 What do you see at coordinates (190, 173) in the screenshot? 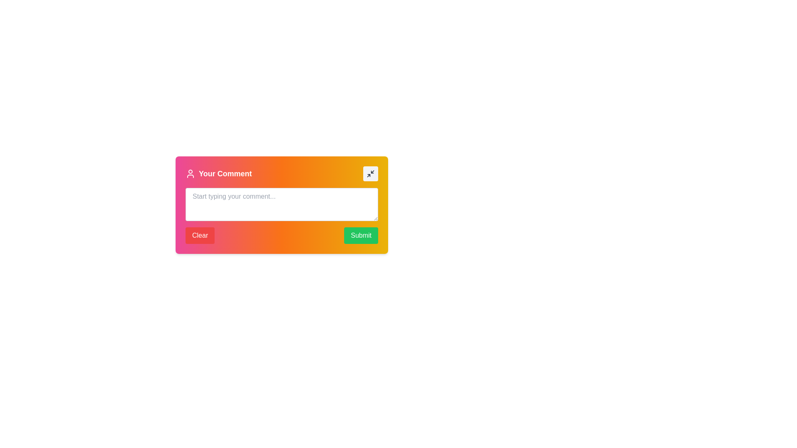
I see `the user icon that visually represents the profile context for the comment functionality, located to the left of the 'Your Comment' text label` at bounding box center [190, 173].